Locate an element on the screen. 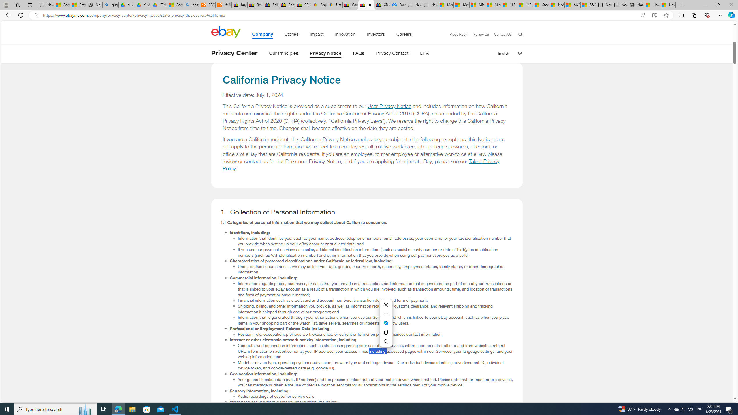 The height and width of the screenshot is (415, 738). 'FAQs' is located at coordinates (358, 54).